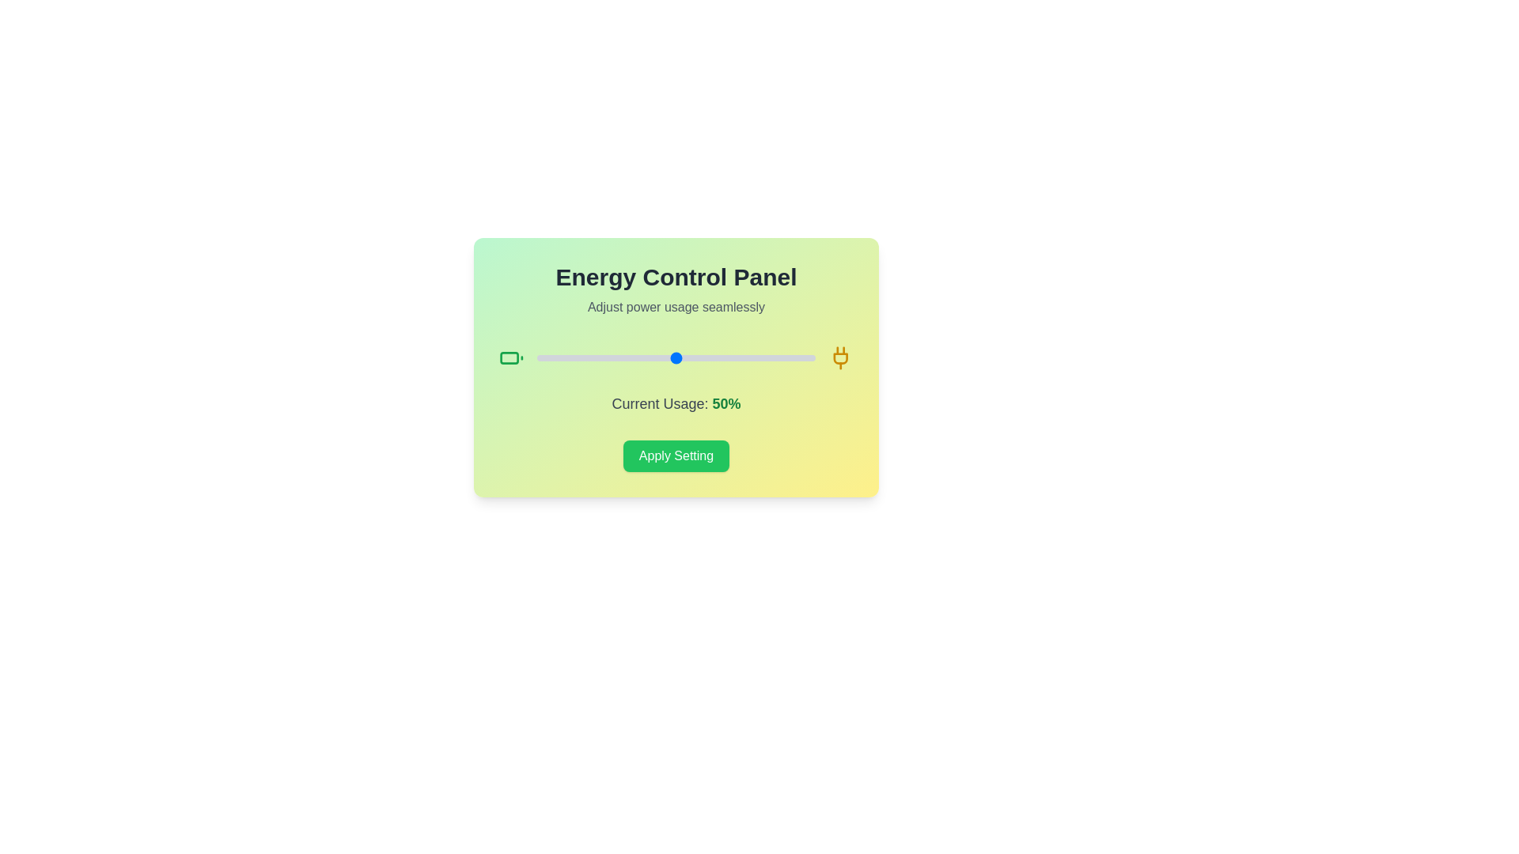 The image size is (1519, 854). What do you see at coordinates (676, 402) in the screenshot?
I see `the 'Current Usage:' text label element, which displays the percentage '50%' in bold green text, positioned below the energy control slider and above the 'Apply Setting' button` at bounding box center [676, 402].